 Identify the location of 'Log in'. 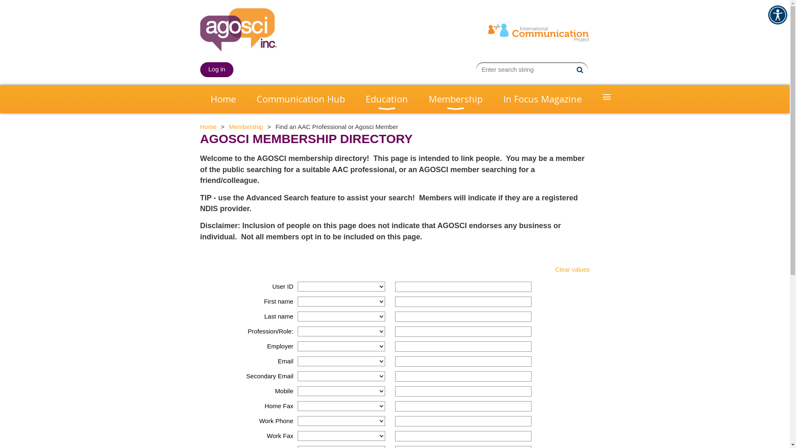
(216, 69).